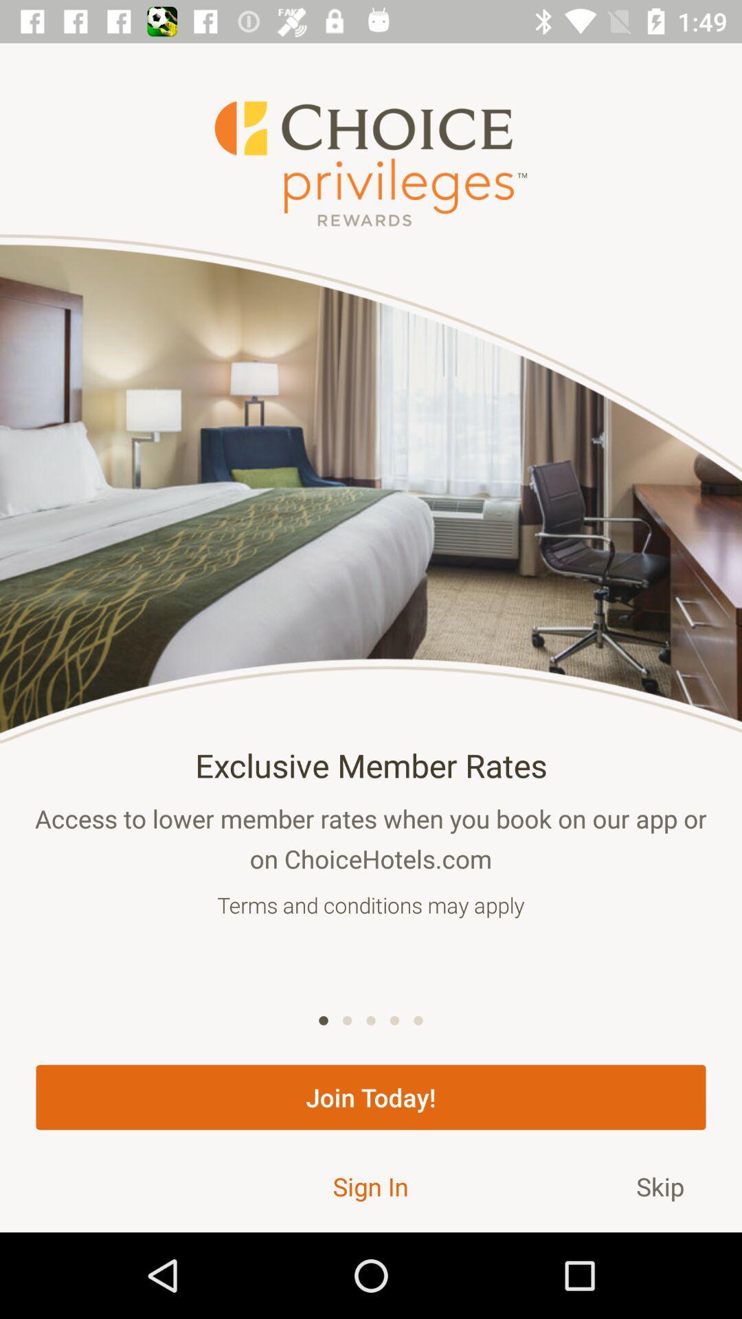 The height and width of the screenshot is (1319, 742). Describe the element at coordinates (660, 1186) in the screenshot. I see `the item below join today!` at that location.